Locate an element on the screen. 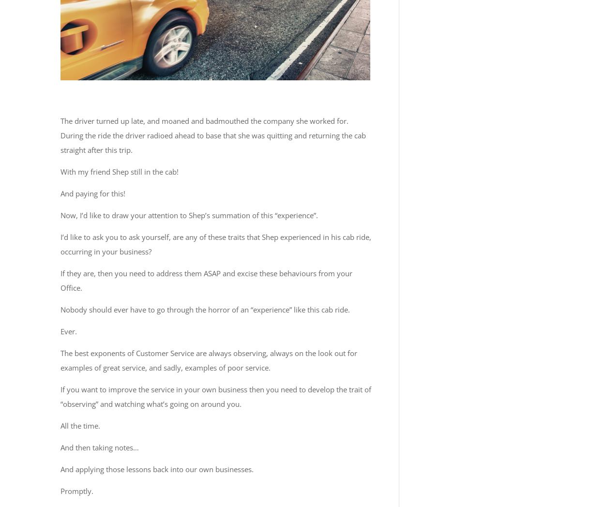  'The best exponents of Customer Service are always observing, always on the look out for examples of great service, and sadly, examples of poor service.' is located at coordinates (209, 359).